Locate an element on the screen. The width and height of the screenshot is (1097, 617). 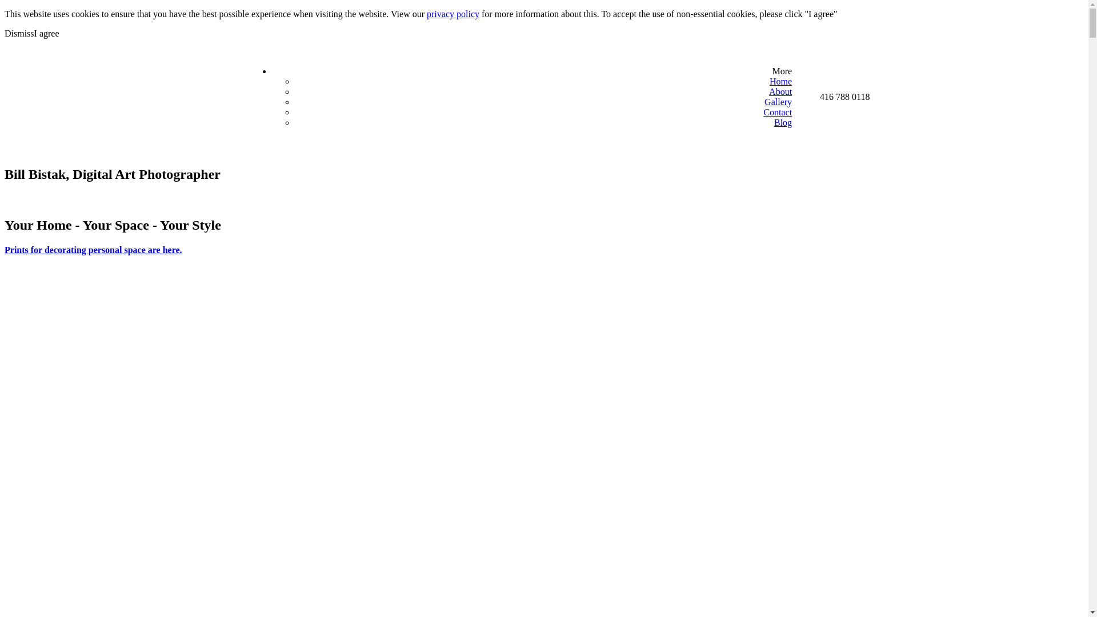
'privacy policy' is located at coordinates (452, 14).